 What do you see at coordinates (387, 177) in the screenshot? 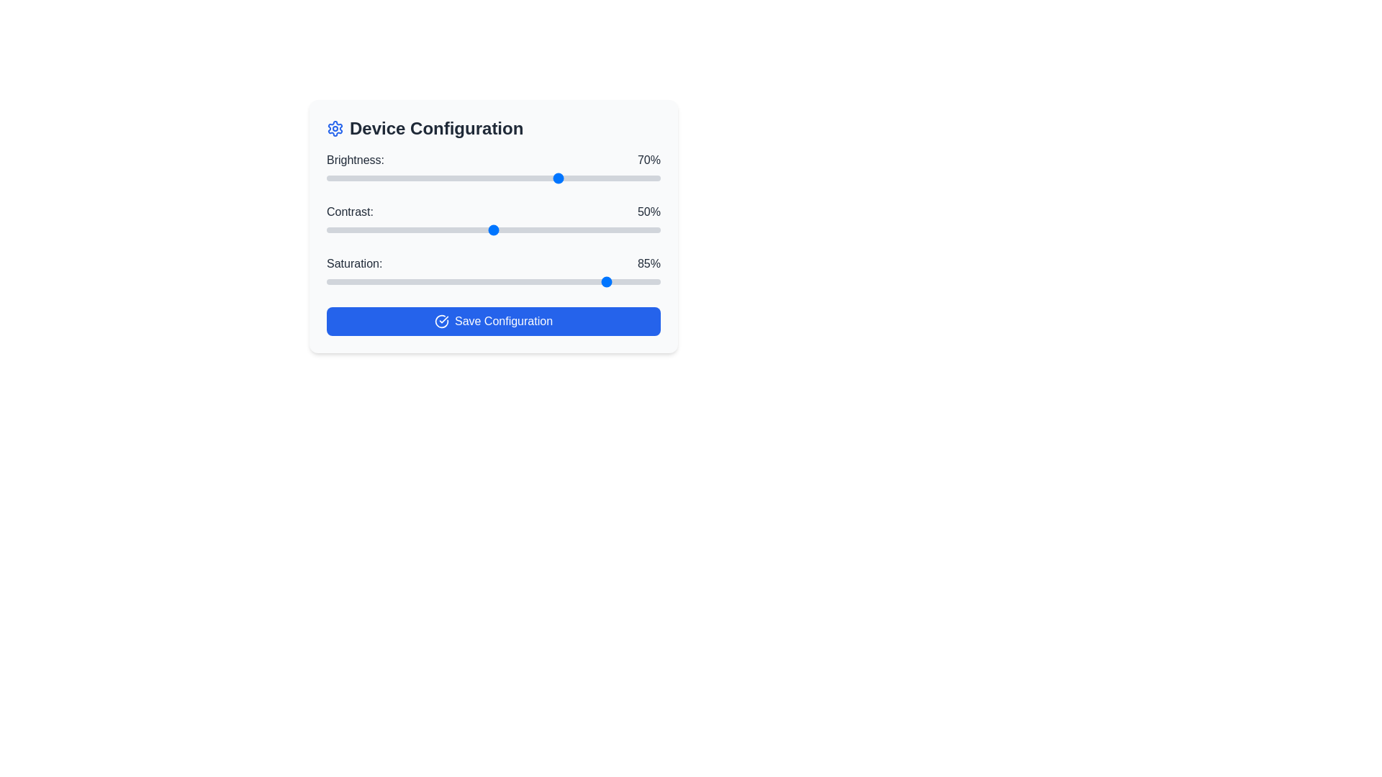
I see `brightness` at bounding box center [387, 177].